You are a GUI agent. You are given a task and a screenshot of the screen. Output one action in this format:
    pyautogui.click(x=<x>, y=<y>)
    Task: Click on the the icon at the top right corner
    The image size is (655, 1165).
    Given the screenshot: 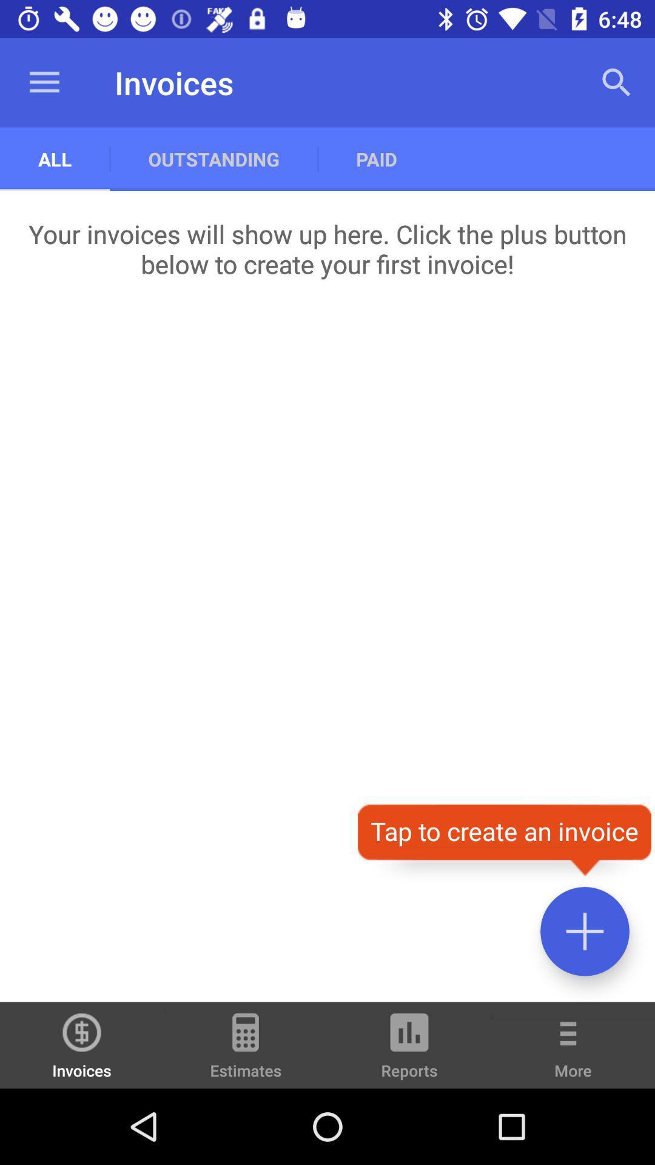 What is the action you would take?
    pyautogui.click(x=617, y=82)
    